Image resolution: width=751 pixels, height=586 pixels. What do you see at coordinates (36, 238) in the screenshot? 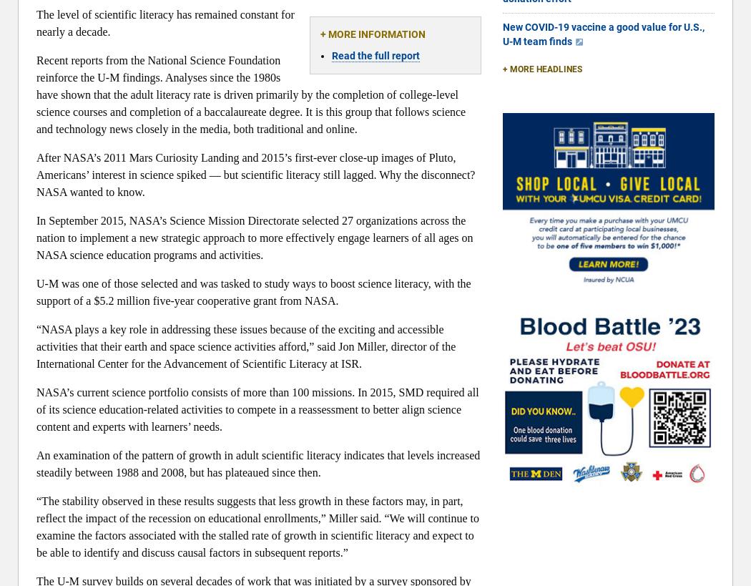
I see `'In September 2015, NASA’s Science Mission Directorate selected 27 organizations across the nation to implement a new strategic approach to more effectively engage learners of all ages on NASA science education programs and activities.'` at bounding box center [36, 238].